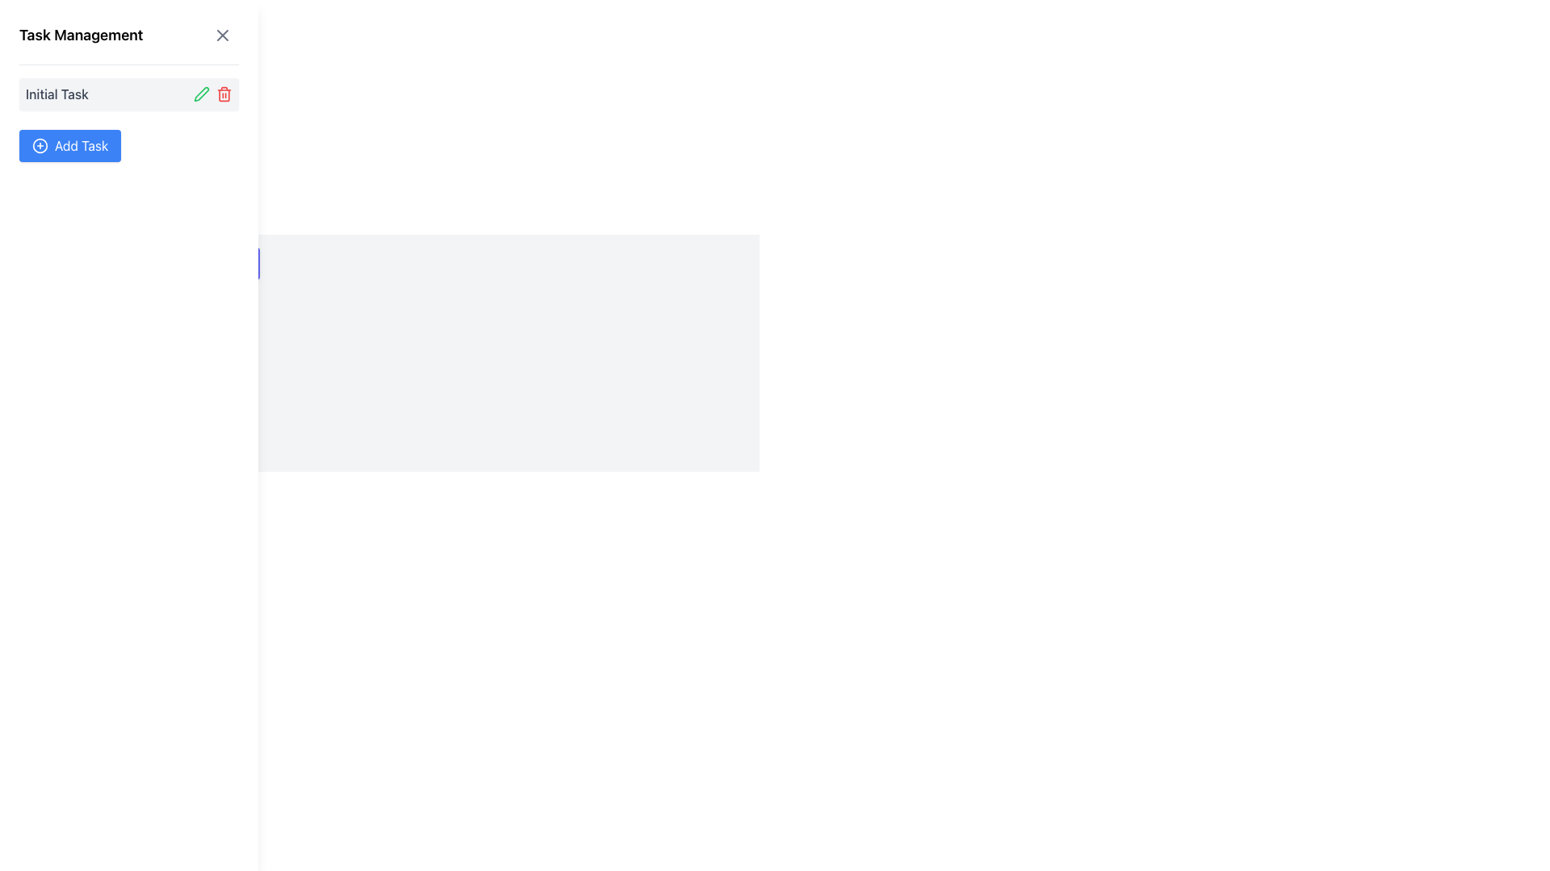  Describe the element at coordinates (221, 35) in the screenshot. I see `the 'X' icon in the top-right corner of the 'Task Management' sidebar` at that location.